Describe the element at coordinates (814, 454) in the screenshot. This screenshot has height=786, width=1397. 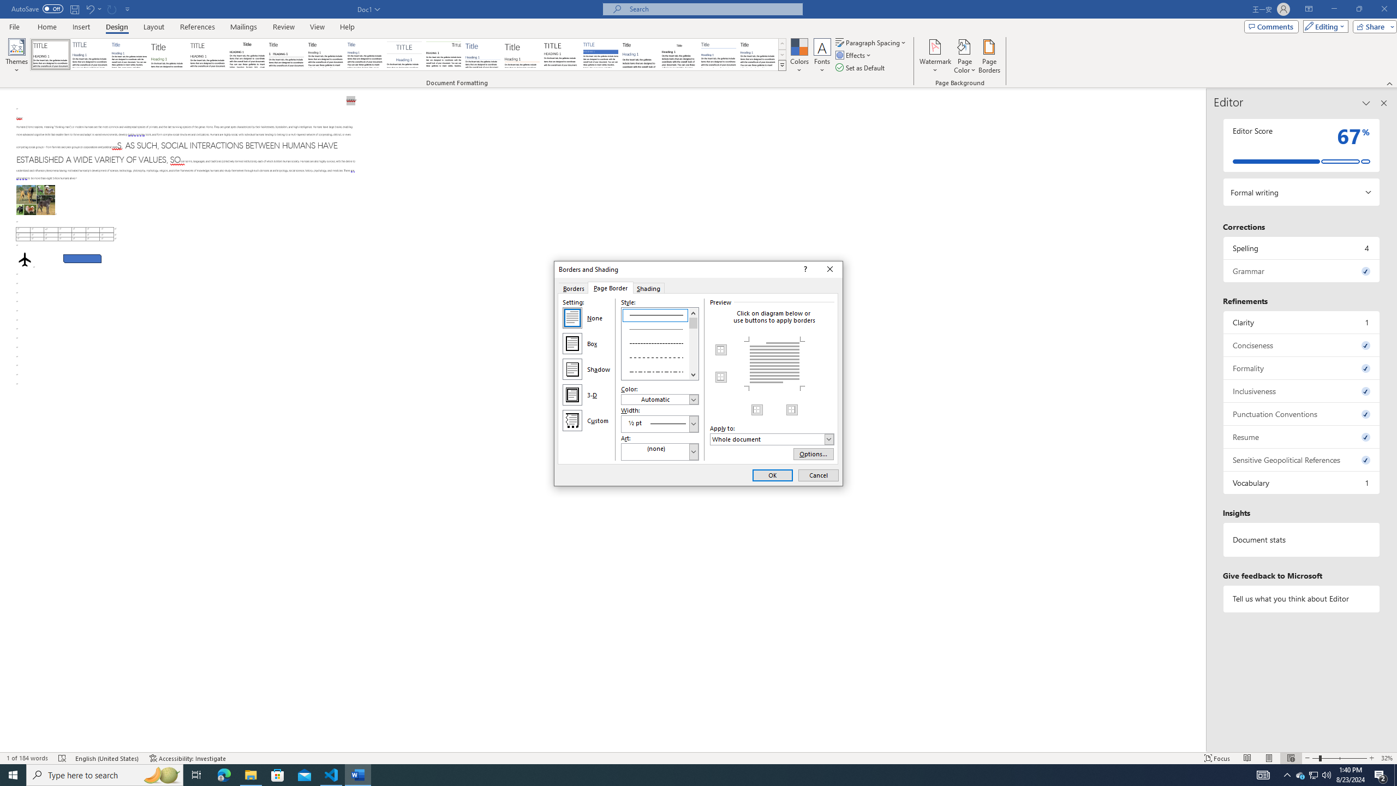
I see `'Options...'` at that location.